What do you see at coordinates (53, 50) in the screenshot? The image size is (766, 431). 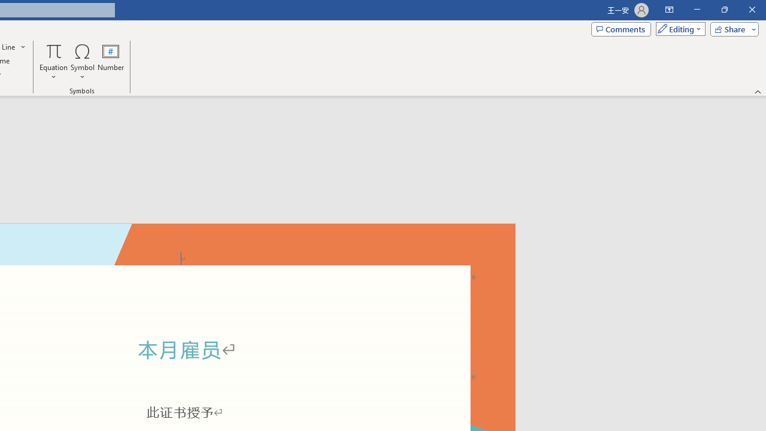 I see `'Equation'` at bounding box center [53, 50].